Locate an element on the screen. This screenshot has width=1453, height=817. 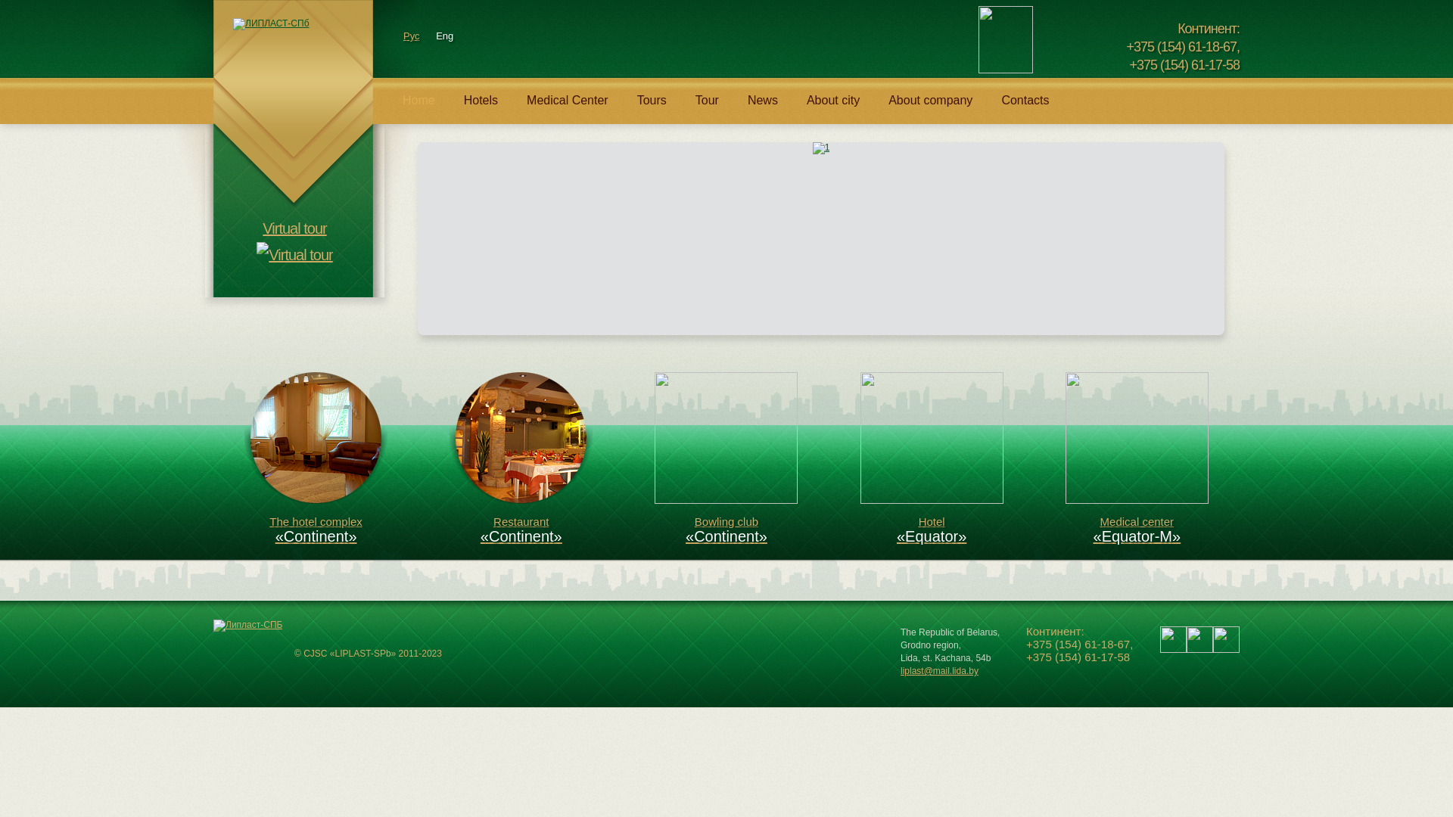
'Contacts' is located at coordinates (987, 107).